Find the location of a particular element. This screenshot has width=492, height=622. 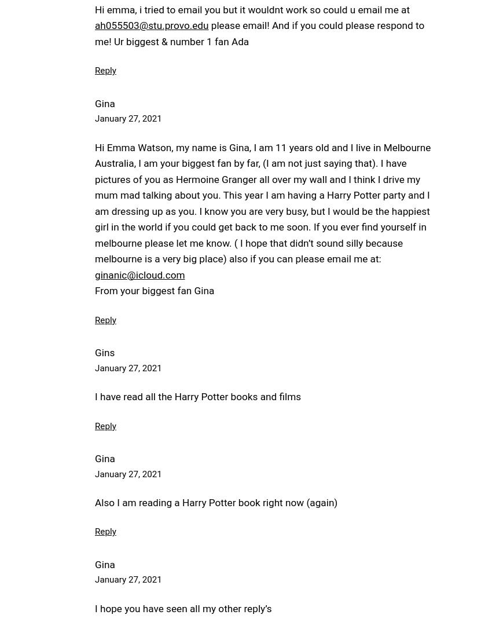

'From your biggest fan Gina' is located at coordinates (153, 290).